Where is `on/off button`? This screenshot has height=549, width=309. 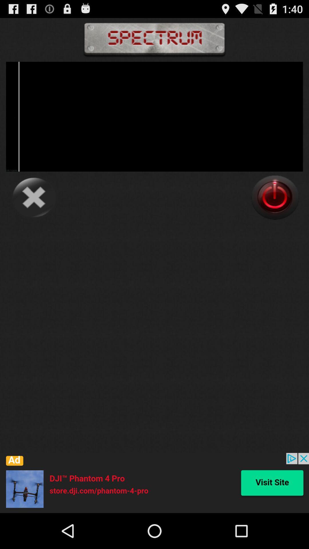 on/off button is located at coordinates (275, 197).